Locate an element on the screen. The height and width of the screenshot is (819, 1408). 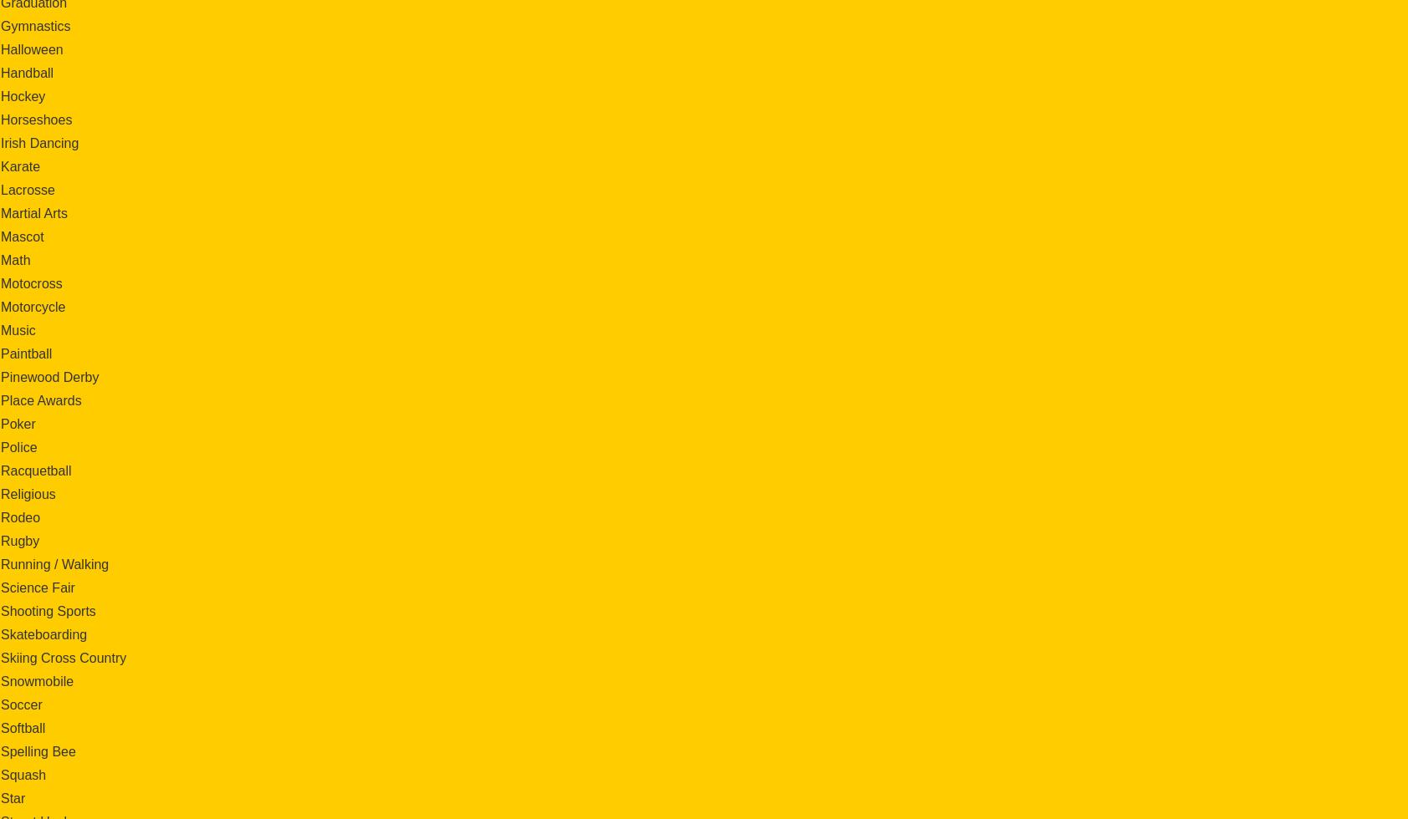
'Poker' is located at coordinates (17, 423).